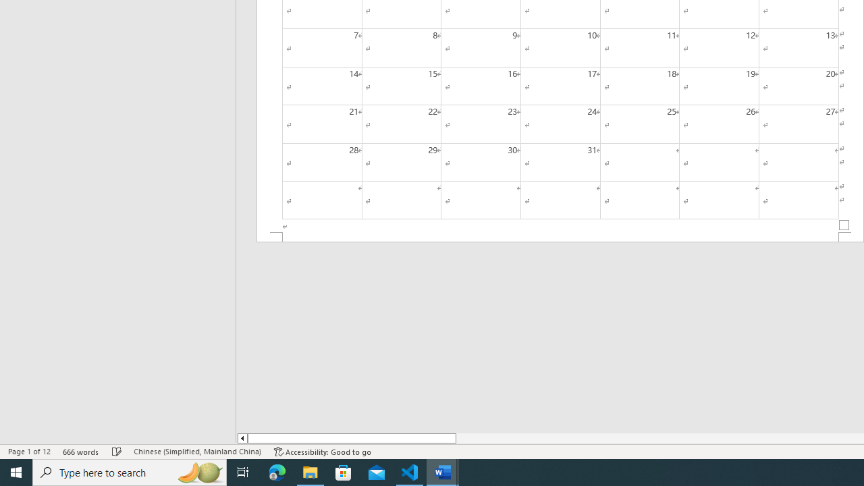 This screenshot has height=486, width=864. What do you see at coordinates (560, 236) in the screenshot?
I see `'Footer -Section 1-'` at bounding box center [560, 236].